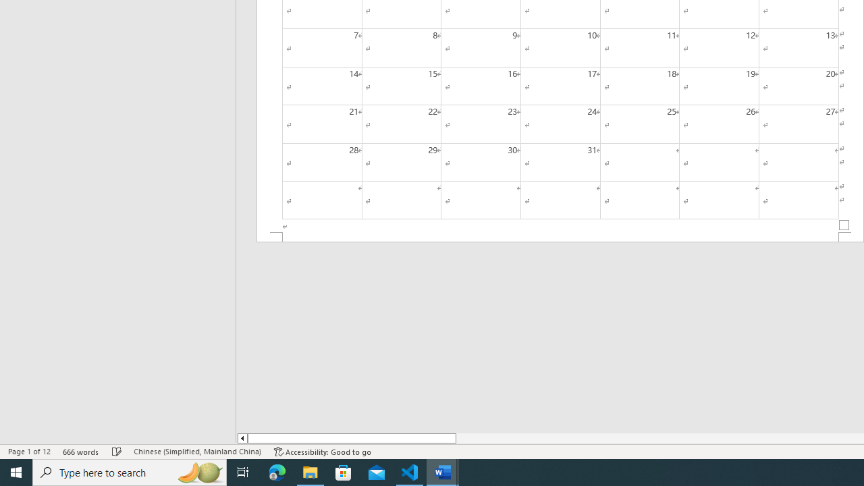 This screenshot has height=486, width=864. What do you see at coordinates (560, 236) in the screenshot?
I see `'Footer -Section 1-'` at bounding box center [560, 236].